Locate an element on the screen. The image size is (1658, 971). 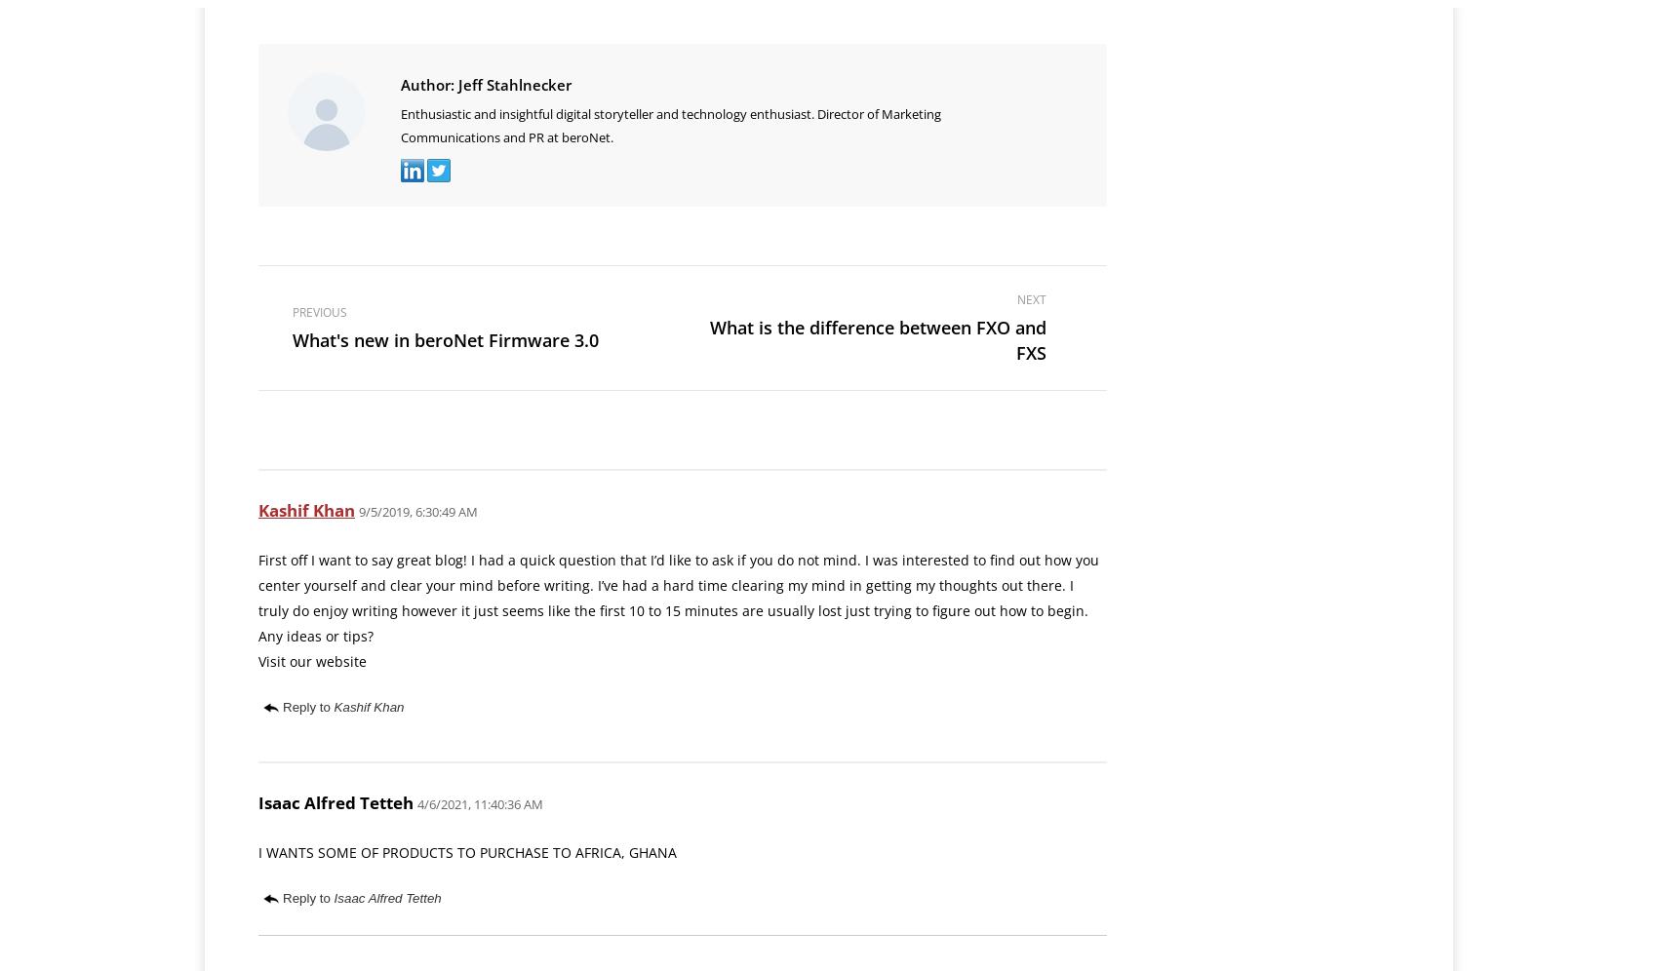
'Visit our website' is located at coordinates (311, 661).